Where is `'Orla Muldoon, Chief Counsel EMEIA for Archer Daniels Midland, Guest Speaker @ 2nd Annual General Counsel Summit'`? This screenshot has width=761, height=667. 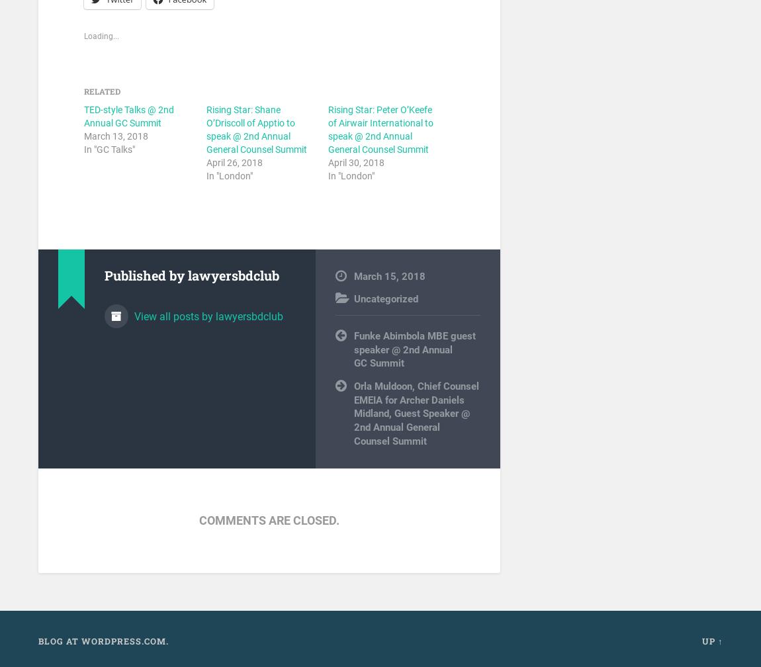 'Orla Muldoon, Chief Counsel EMEIA for Archer Daniels Midland, Guest Speaker @ 2nd Annual General Counsel Summit' is located at coordinates (415, 413).